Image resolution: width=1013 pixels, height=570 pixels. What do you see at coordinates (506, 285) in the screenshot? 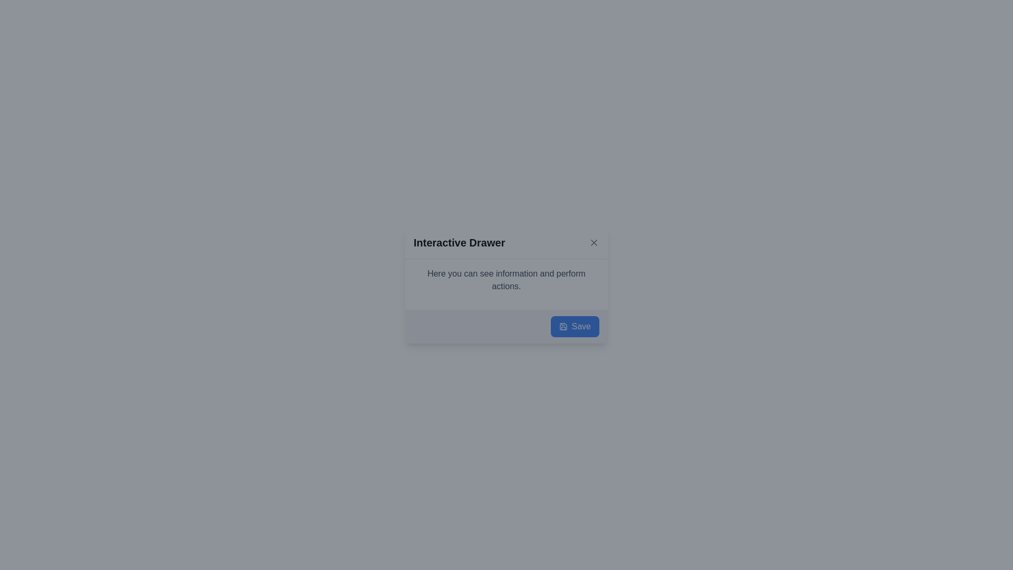
I see `displayed information from the Interactive informational drawer, which features a bold title 'Interactive Drawer' and a description below it` at bounding box center [506, 285].